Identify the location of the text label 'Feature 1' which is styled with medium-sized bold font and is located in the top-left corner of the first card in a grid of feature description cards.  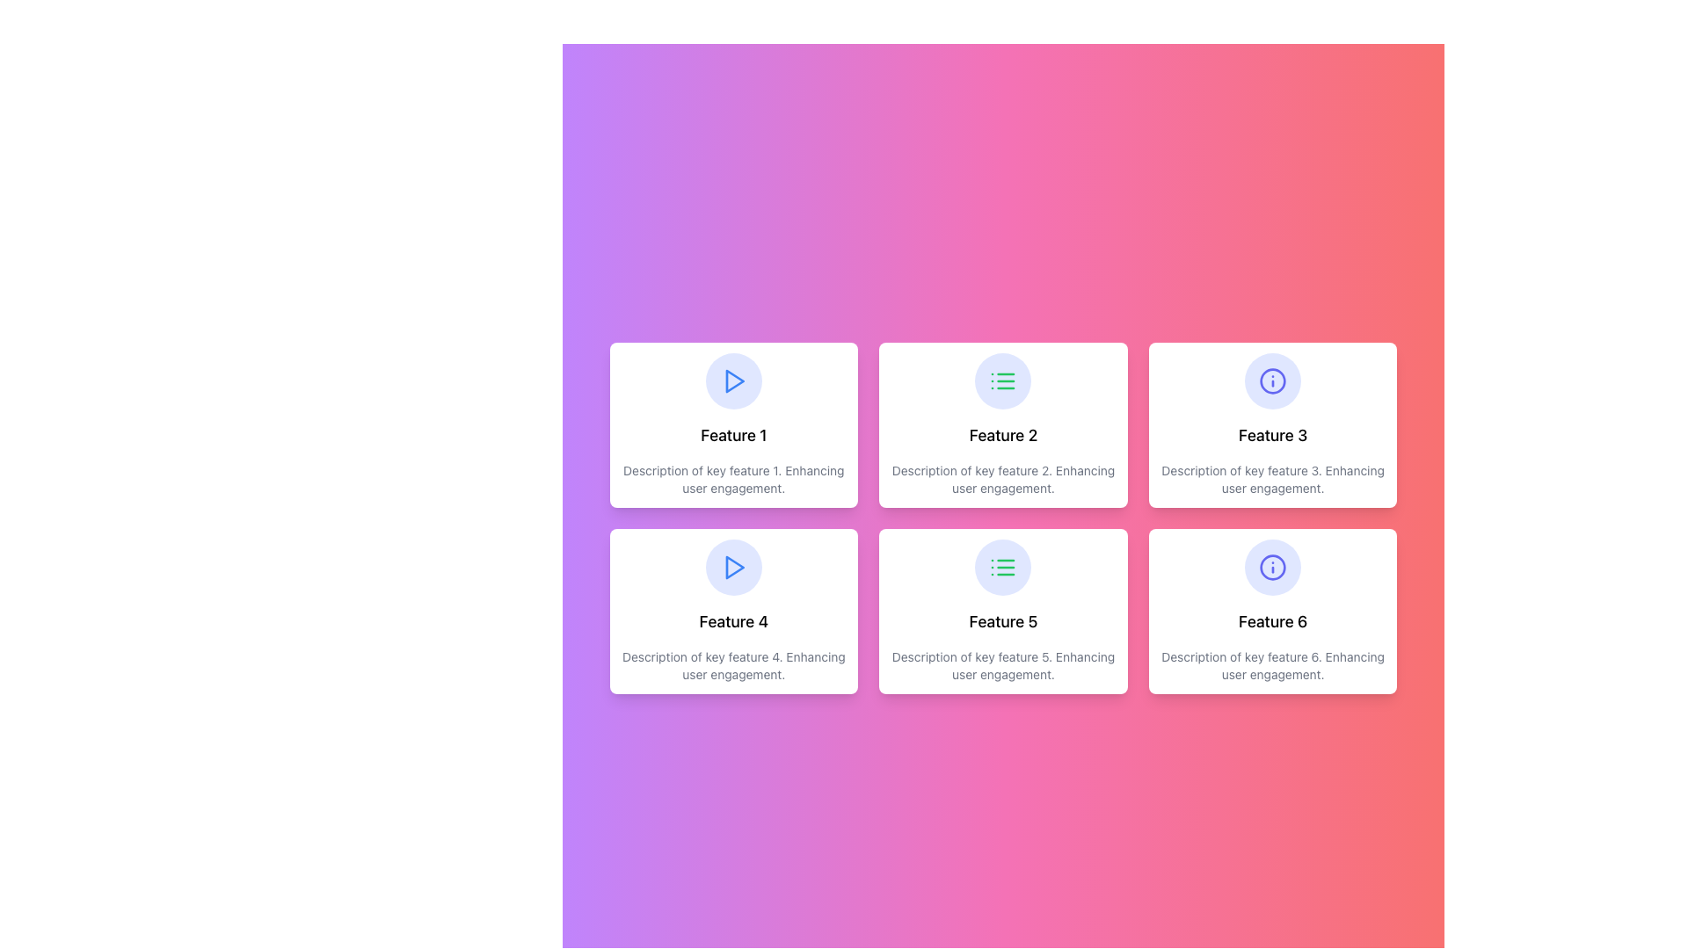
(733, 435).